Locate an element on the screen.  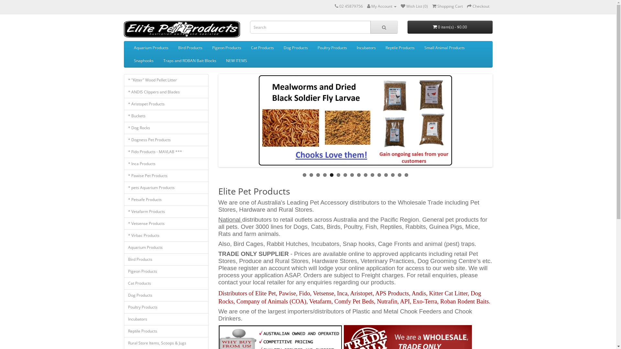
'Elite Pet Products' is located at coordinates (181, 29).